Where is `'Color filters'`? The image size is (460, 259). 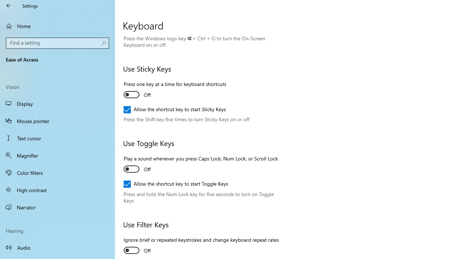
'Color filters' is located at coordinates (57, 172).